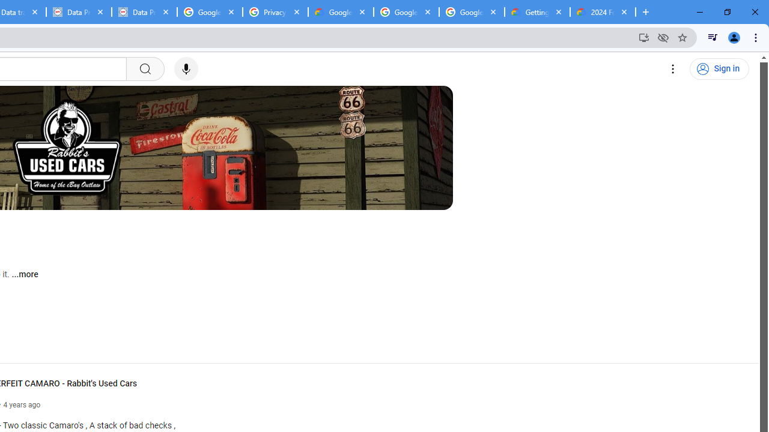 This screenshot has width=769, height=432. What do you see at coordinates (340, 12) in the screenshot?
I see `'Google Cloud Terms Directory | Google Cloud'` at bounding box center [340, 12].